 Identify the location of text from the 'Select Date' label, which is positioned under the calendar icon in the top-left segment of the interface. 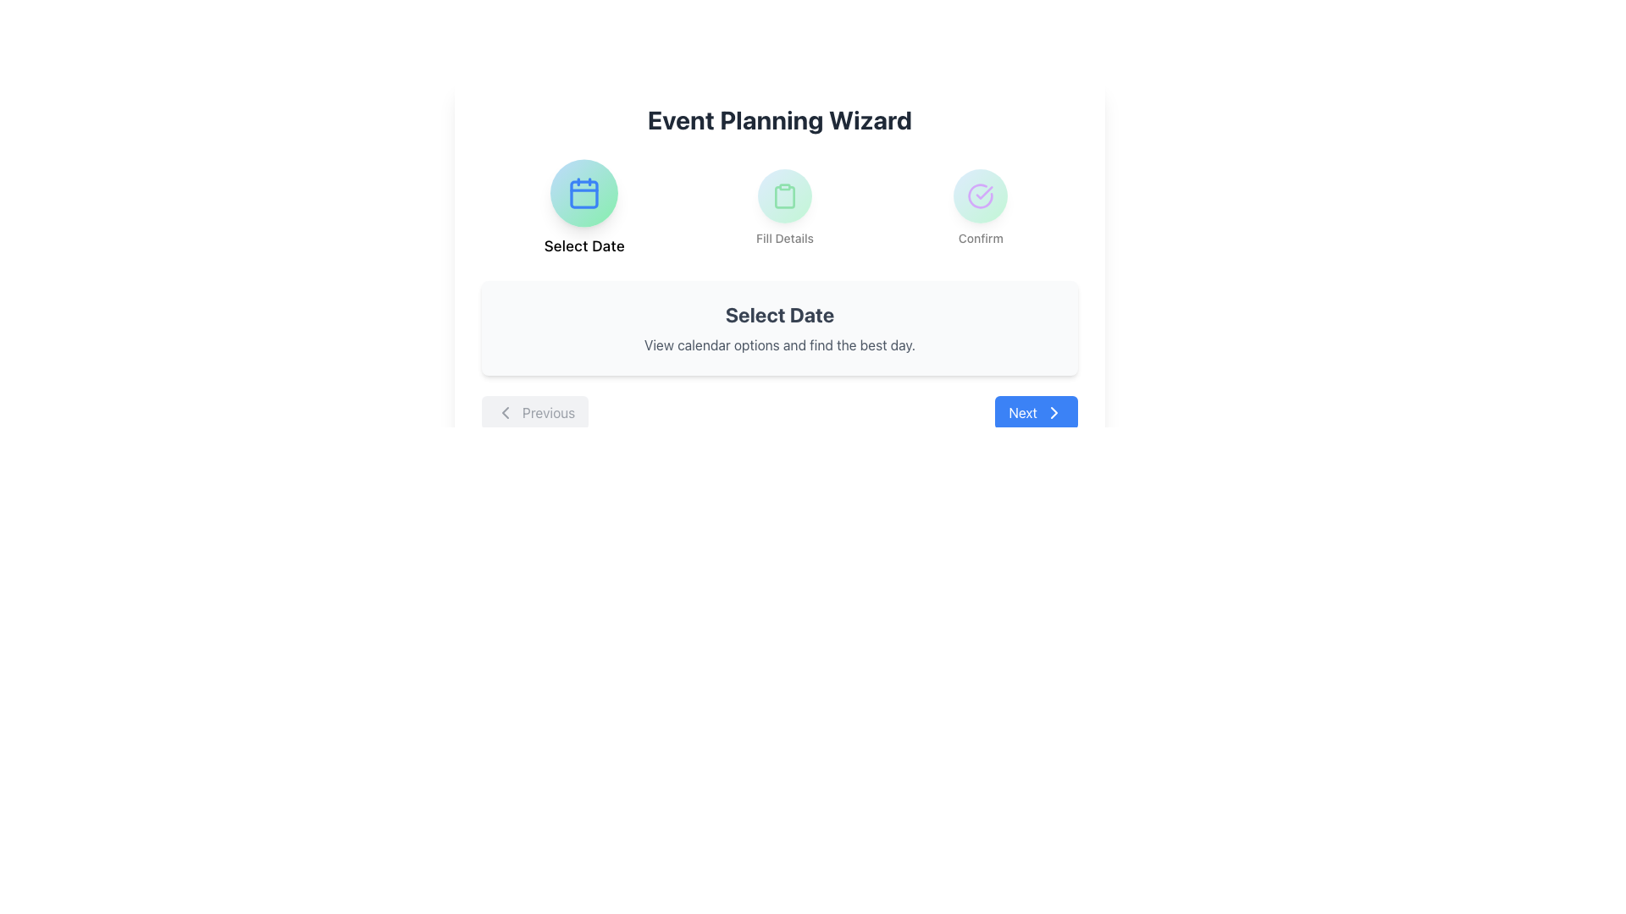
(583, 245).